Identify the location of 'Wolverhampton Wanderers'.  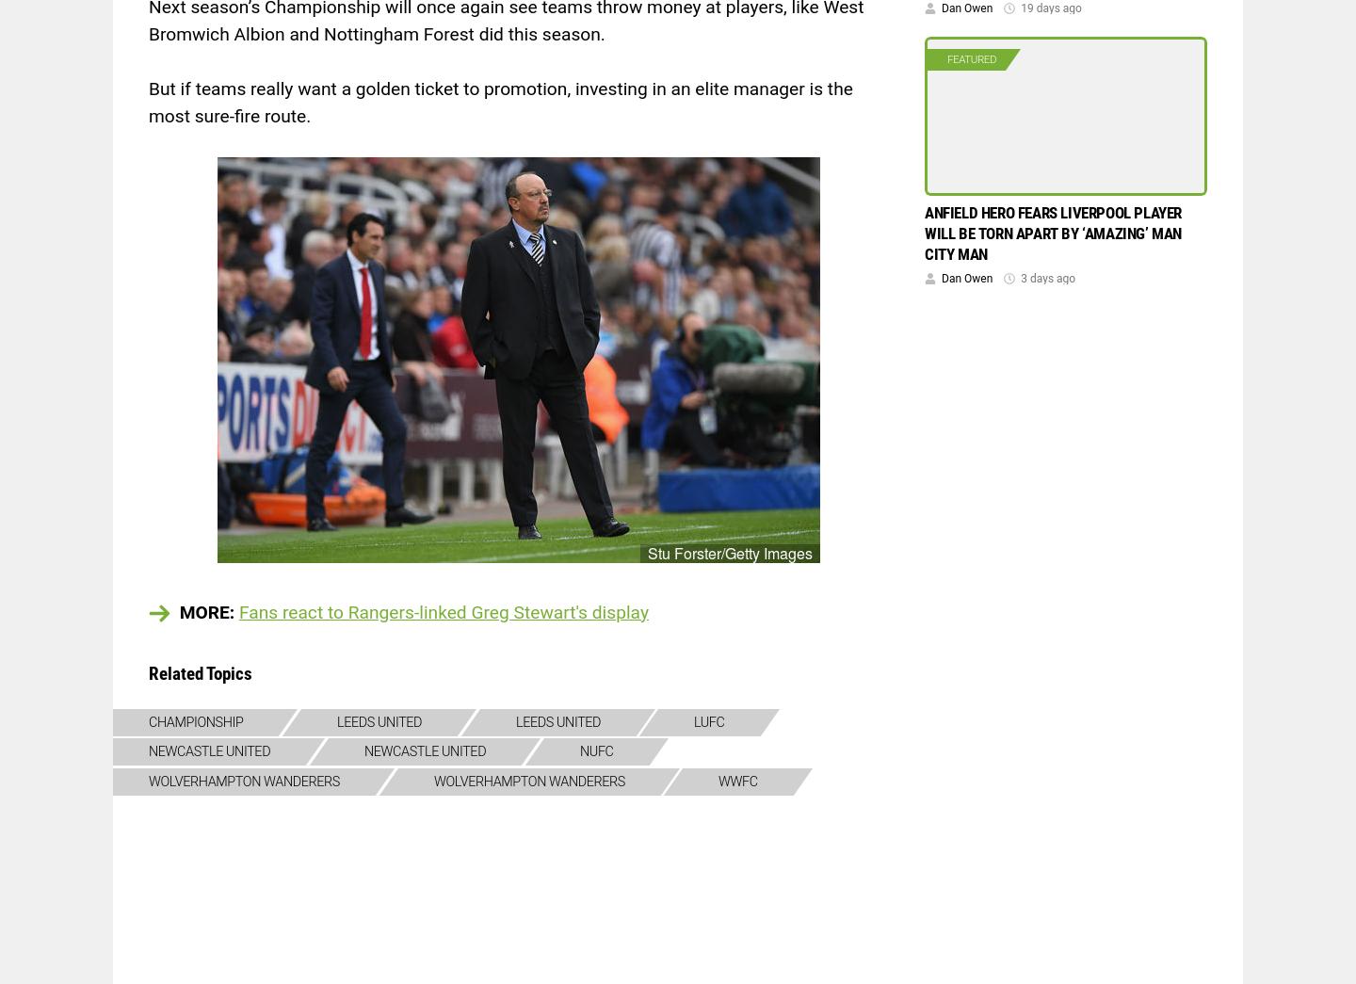
(243, 780).